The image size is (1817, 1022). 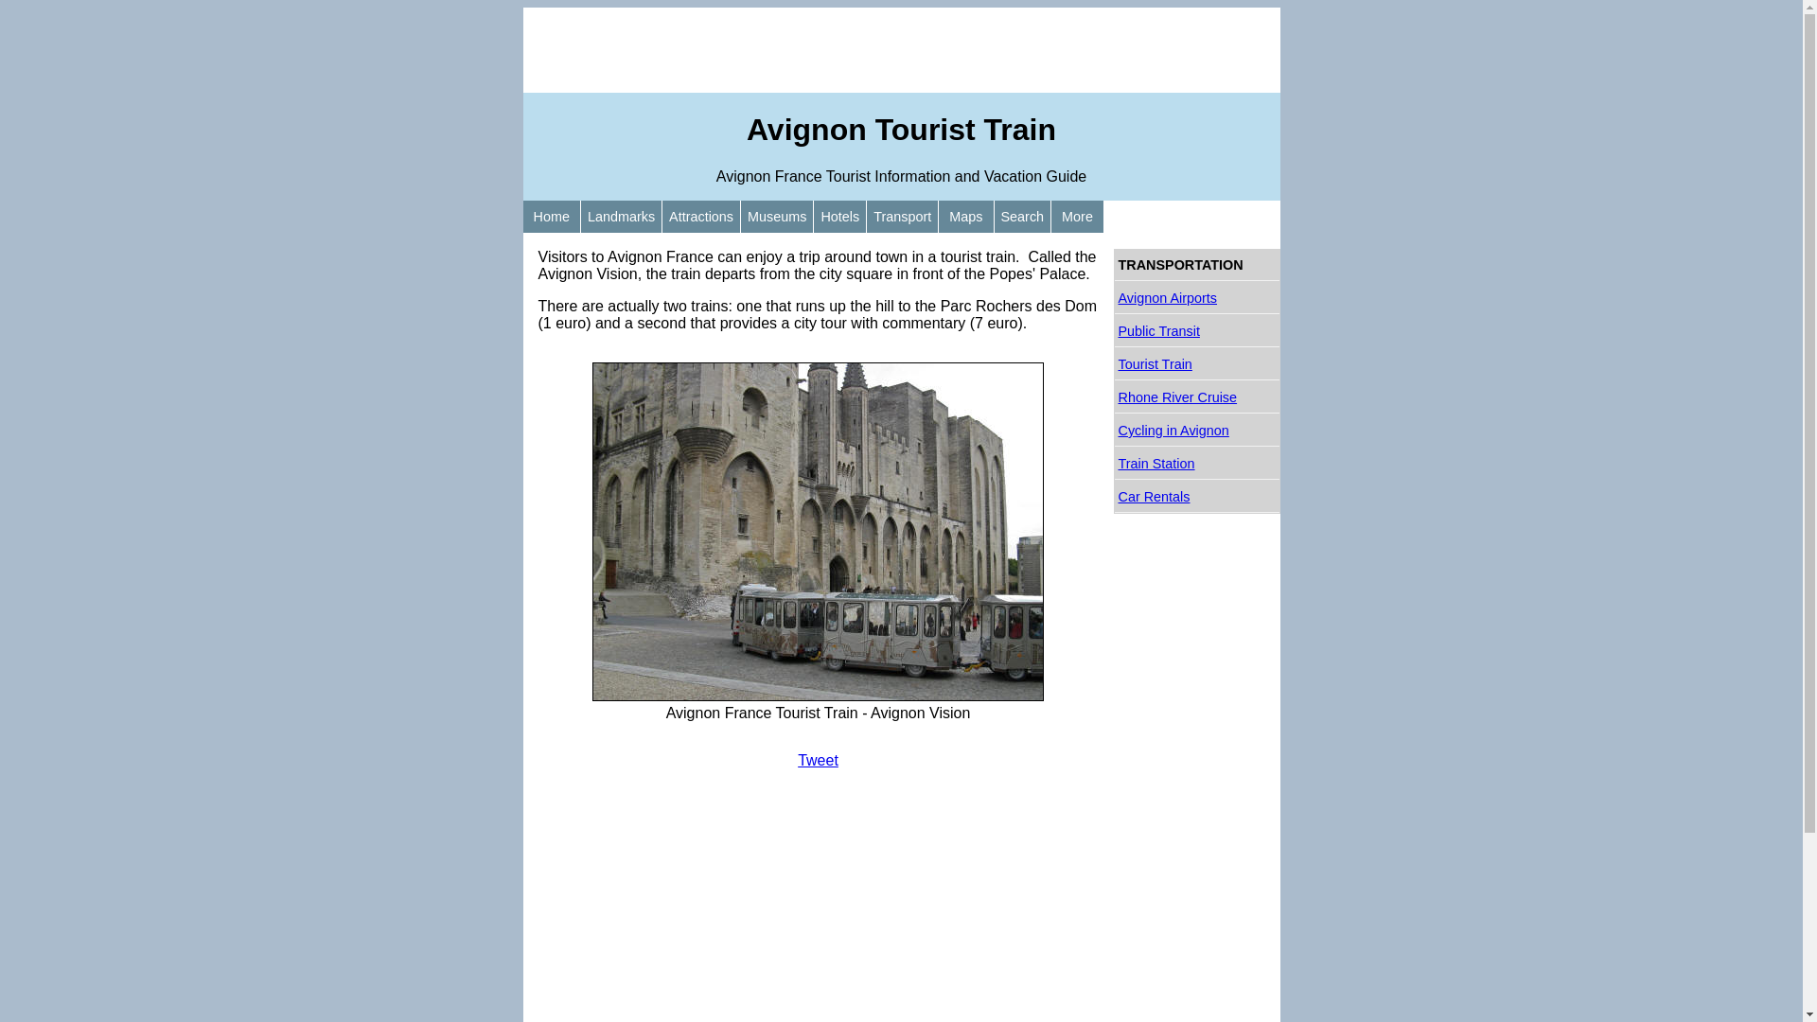 What do you see at coordinates (1196, 298) in the screenshot?
I see `'Avignon Airports'` at bounding box center [1196, 298].